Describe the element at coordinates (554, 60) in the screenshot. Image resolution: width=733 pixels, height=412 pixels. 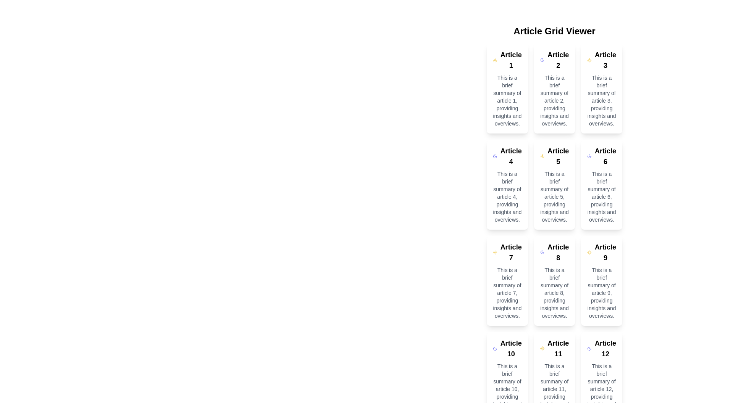
I see `the text element displaying 'Article 2', which is styled in bold and positioned in the second slot of the first row within the grid layout` at that location.